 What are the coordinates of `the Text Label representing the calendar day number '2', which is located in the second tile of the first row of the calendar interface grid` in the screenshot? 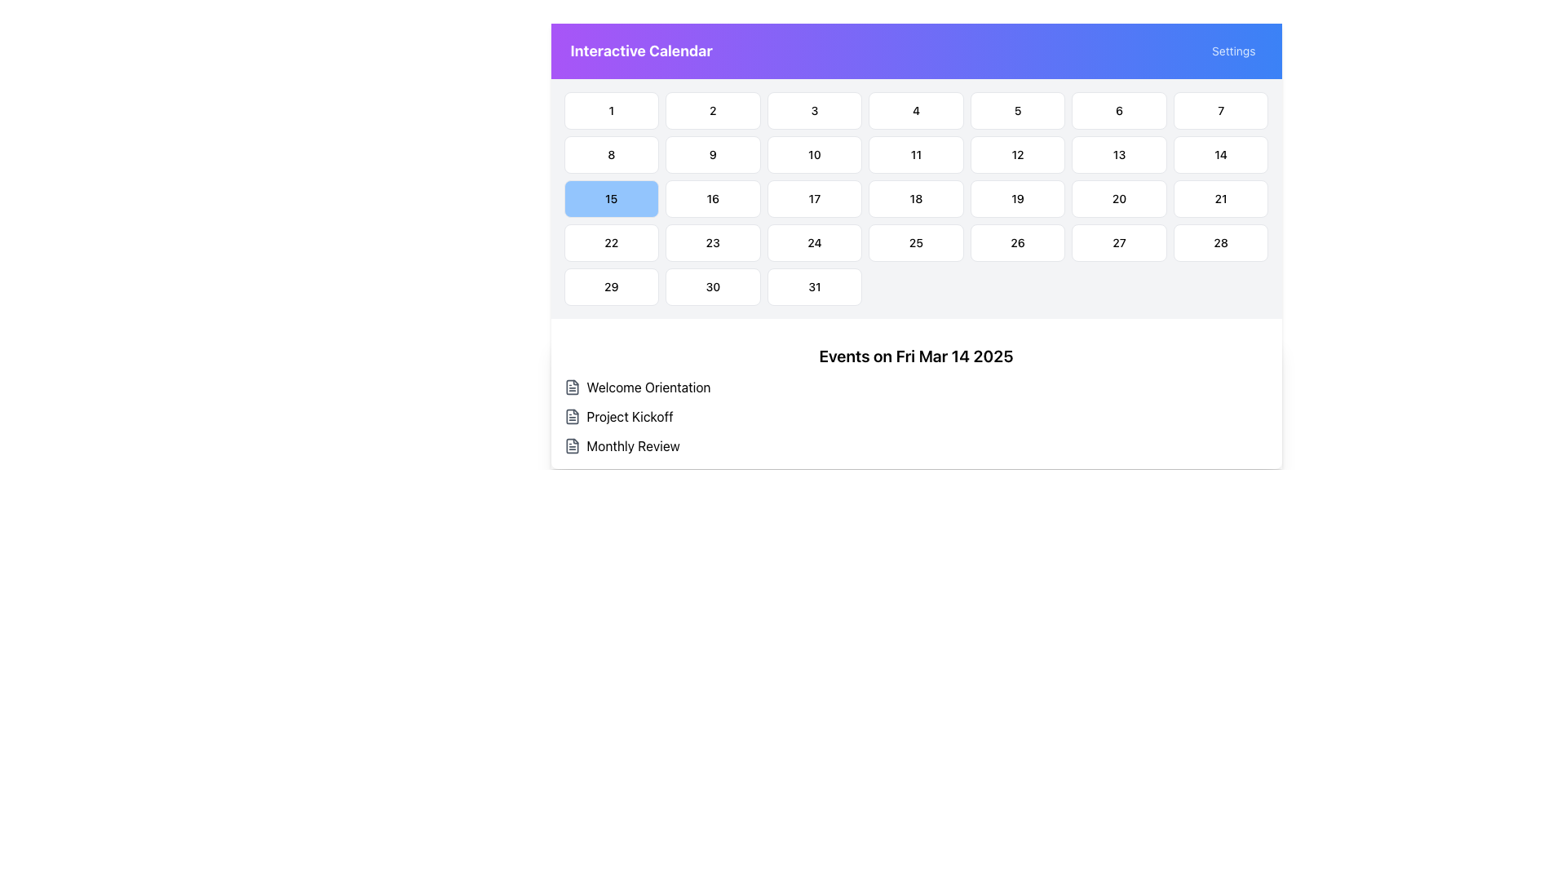 It's located at (713, 110).